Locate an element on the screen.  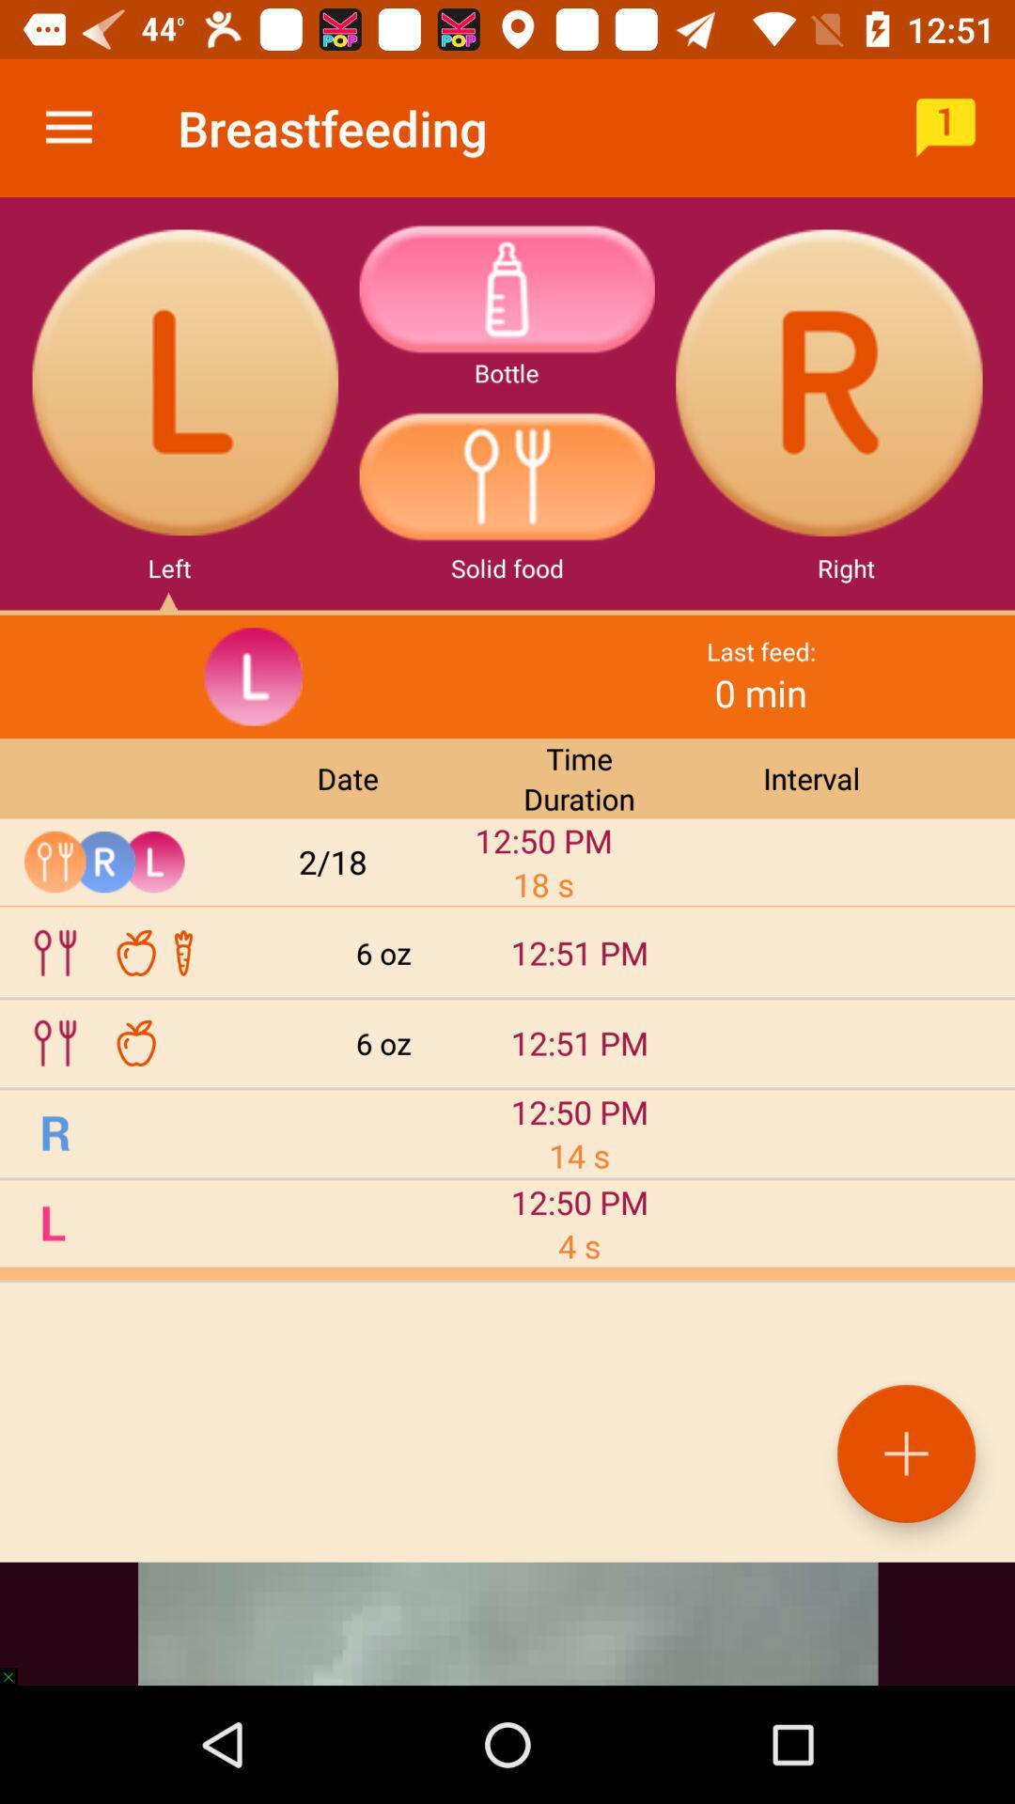
the more icon is located at coordinates (506, 288).